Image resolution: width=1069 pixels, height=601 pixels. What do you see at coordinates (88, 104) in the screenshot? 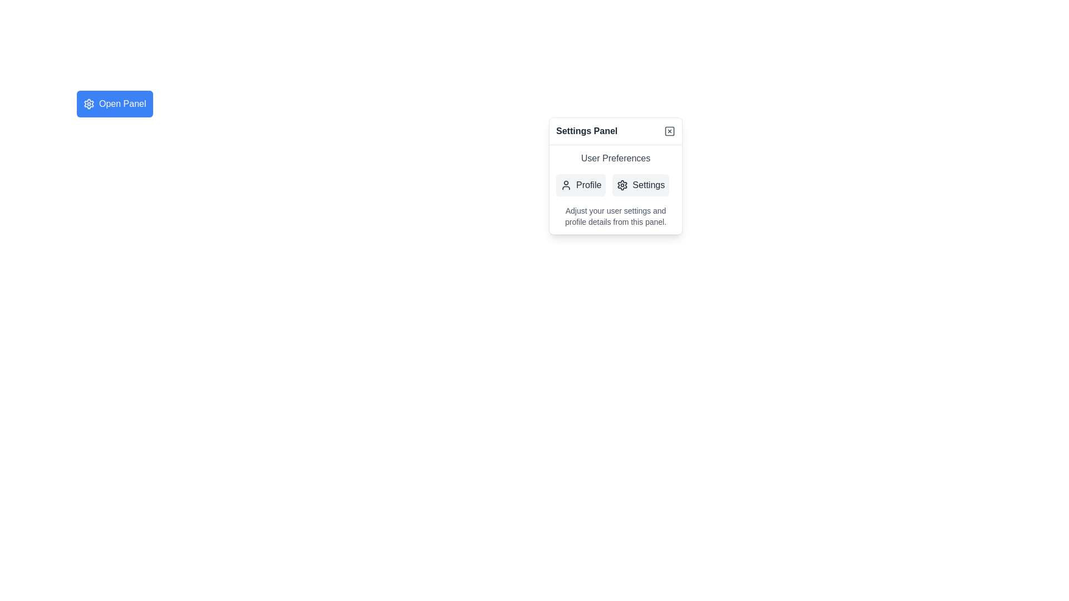
I see `the settings icon, which is a gear-shaped icon located to the left of the 'Open Panel' text inside a blue rounded rectangle button` at bounding box center [88, 104].